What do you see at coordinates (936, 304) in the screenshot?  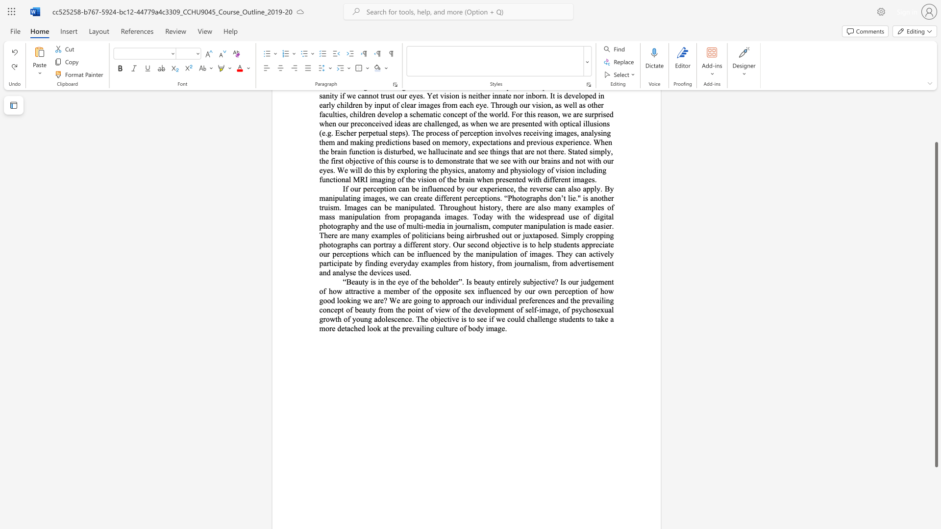 I see `the scrollbar and move down 150 pixels` at bounding box center [936, 304].